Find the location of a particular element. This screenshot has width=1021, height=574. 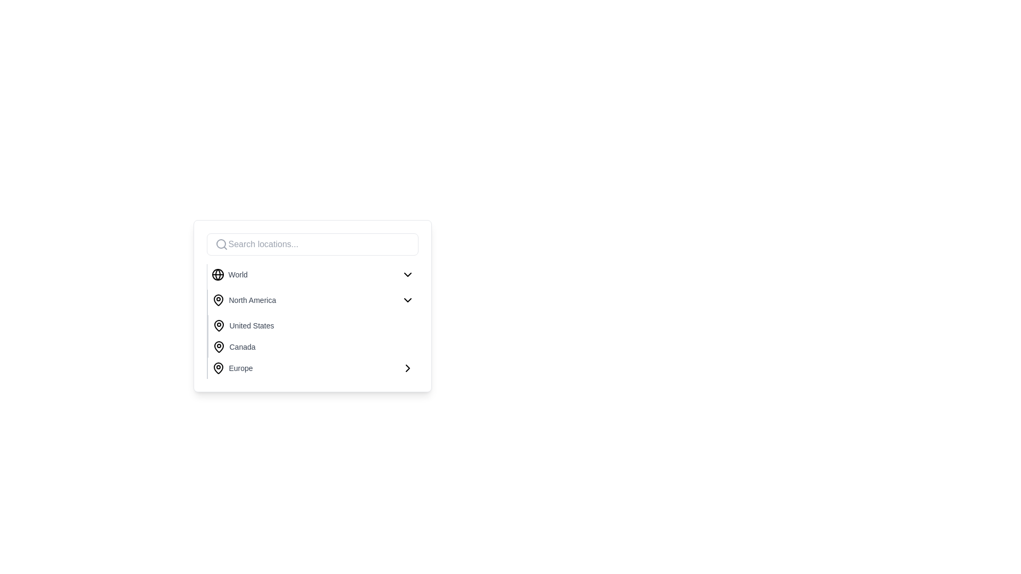

the static text label 'United States' is located at coordinates (251, 325).